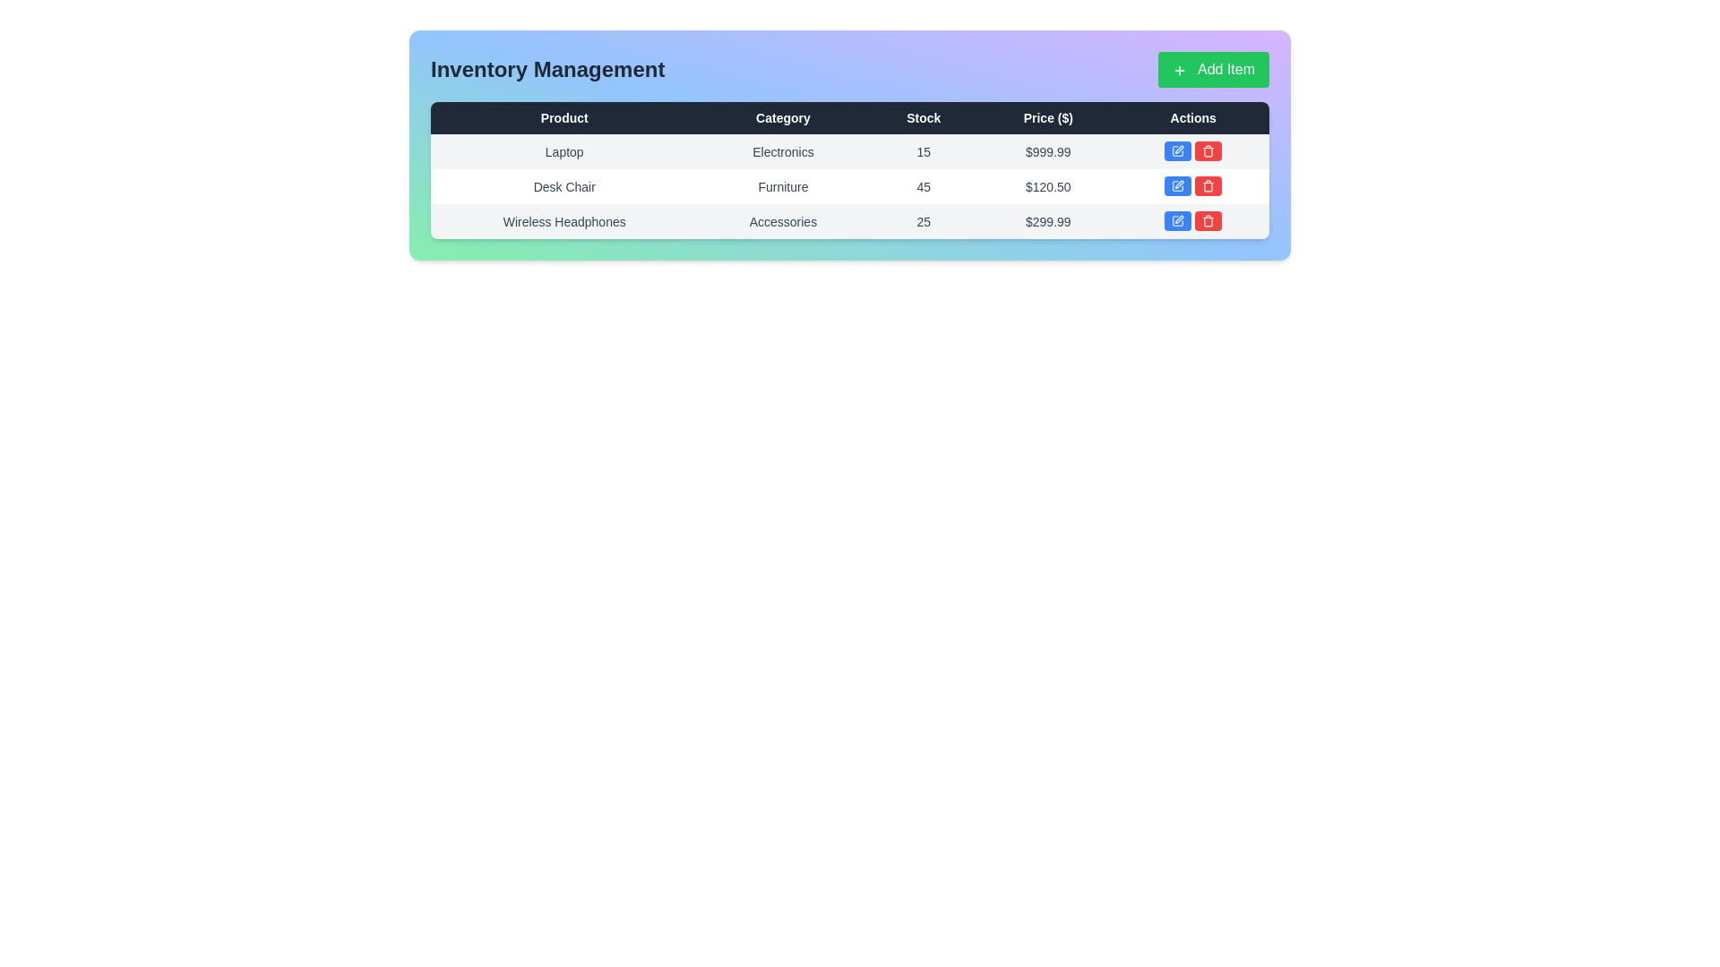 The image size is (1720, 967). Describe the element at coordinates (924, 150) in the screenshot. I see `text label displaying the number '15' located in the 'Stock' column of the first row, aligned with the 'Laptop' product in the 'Electronics' category` at that location.